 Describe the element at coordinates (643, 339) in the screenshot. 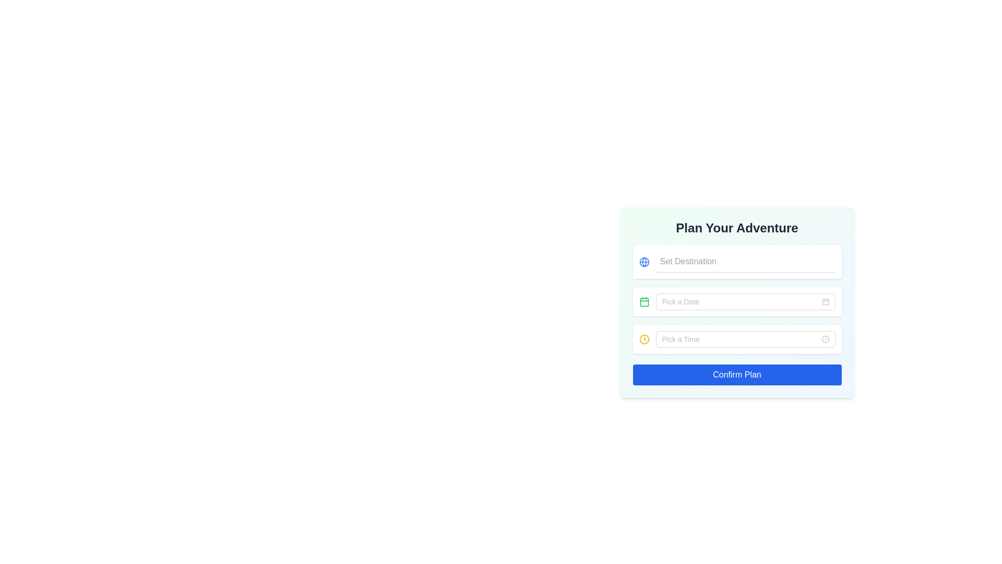

I see `the SVG circle element that serves as the outline of the time selection icon, located prominently on the left side of the 'Pick a Time' input field` at that location.